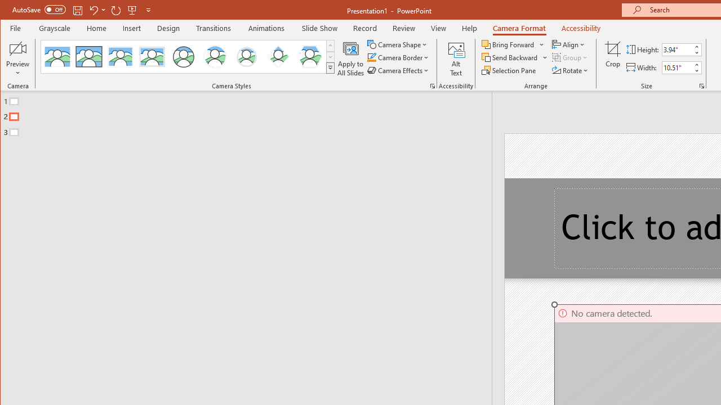  What do you see at coordinates (701, 85) in the screenshot?
I see `'Size and Position...'` at bounding box center [701, 85].